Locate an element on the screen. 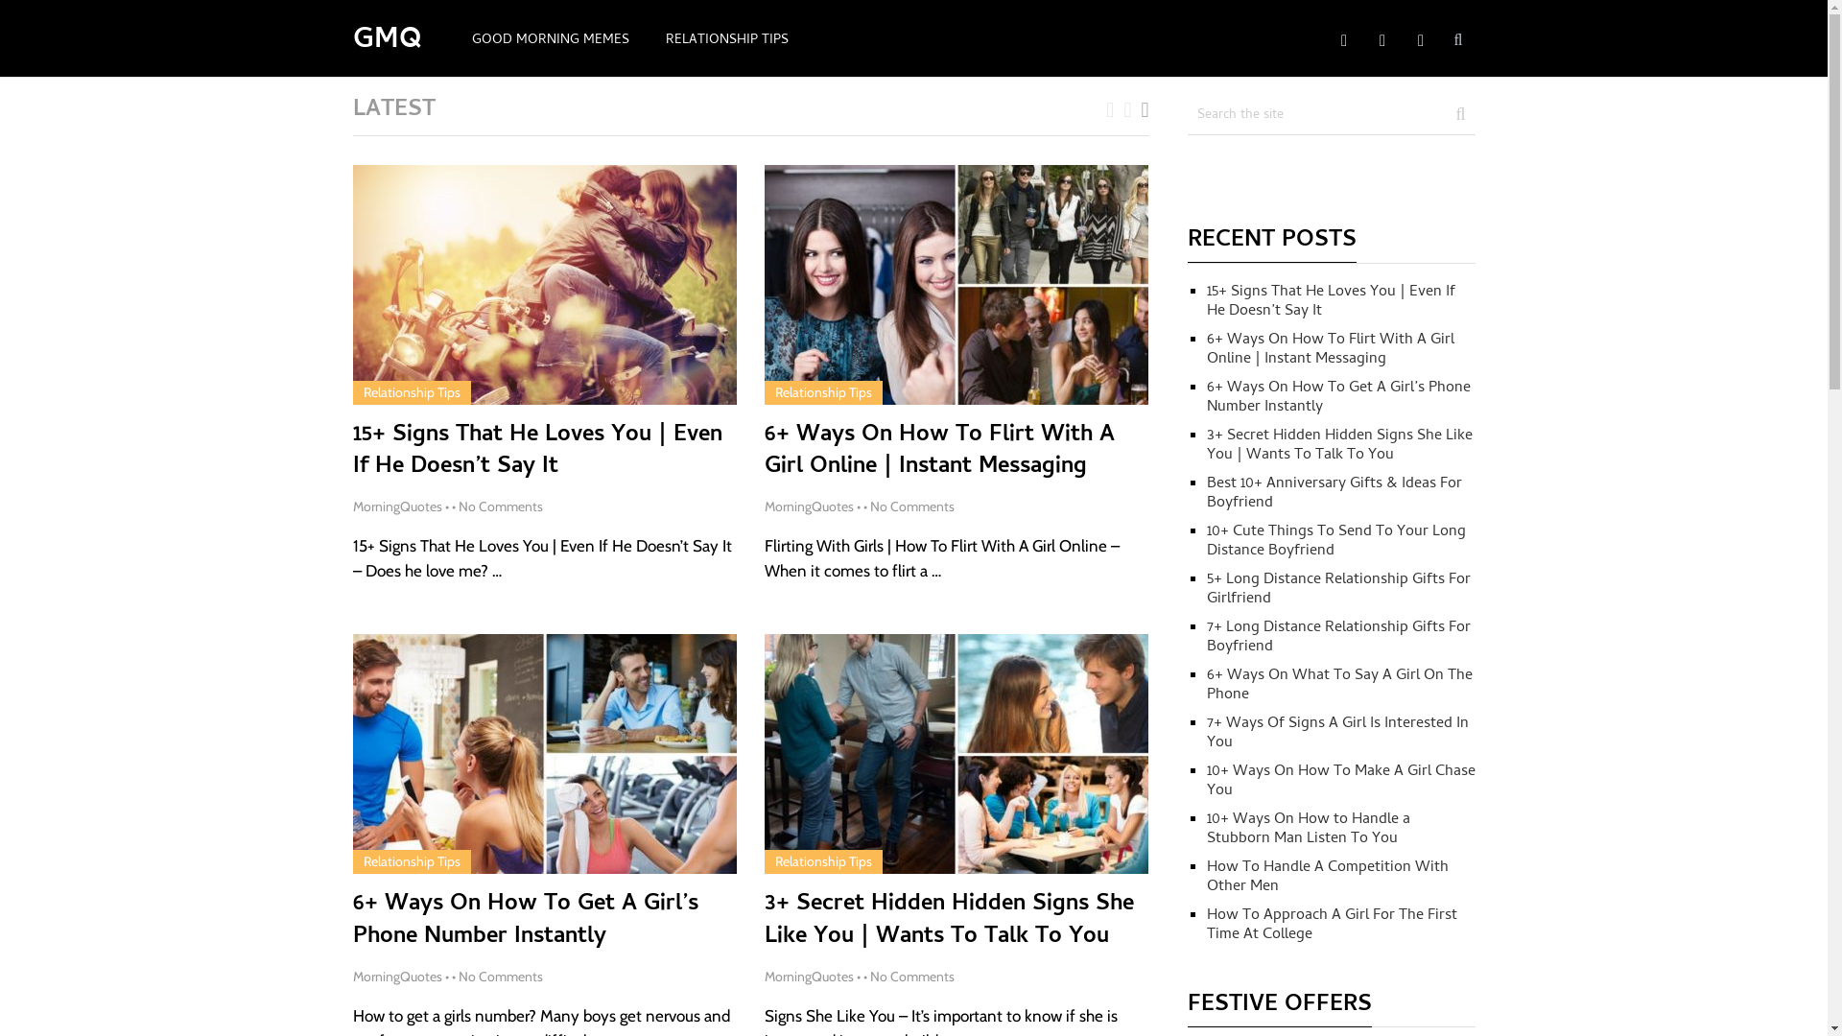 The height and width of the screenshot is (1036, 1842). '10+ Ways On How To Make A Girl Chase You' is located at coordinates (1339, 781).